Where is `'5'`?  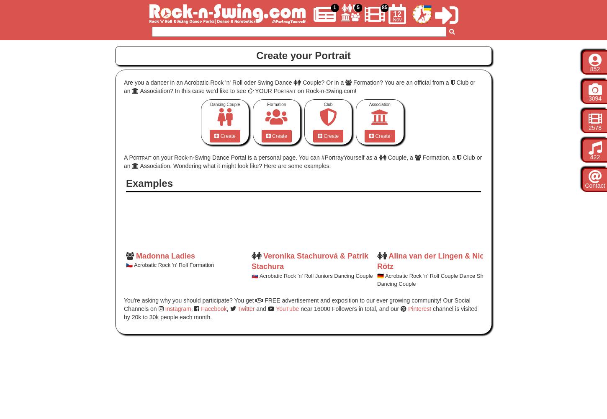 '5' is located at coordinates (356, 8).